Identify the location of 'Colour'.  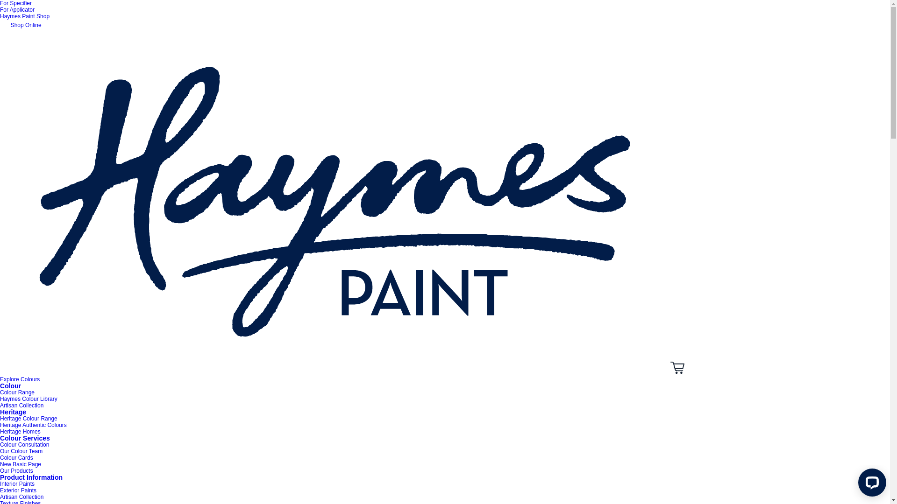
(10, 385).